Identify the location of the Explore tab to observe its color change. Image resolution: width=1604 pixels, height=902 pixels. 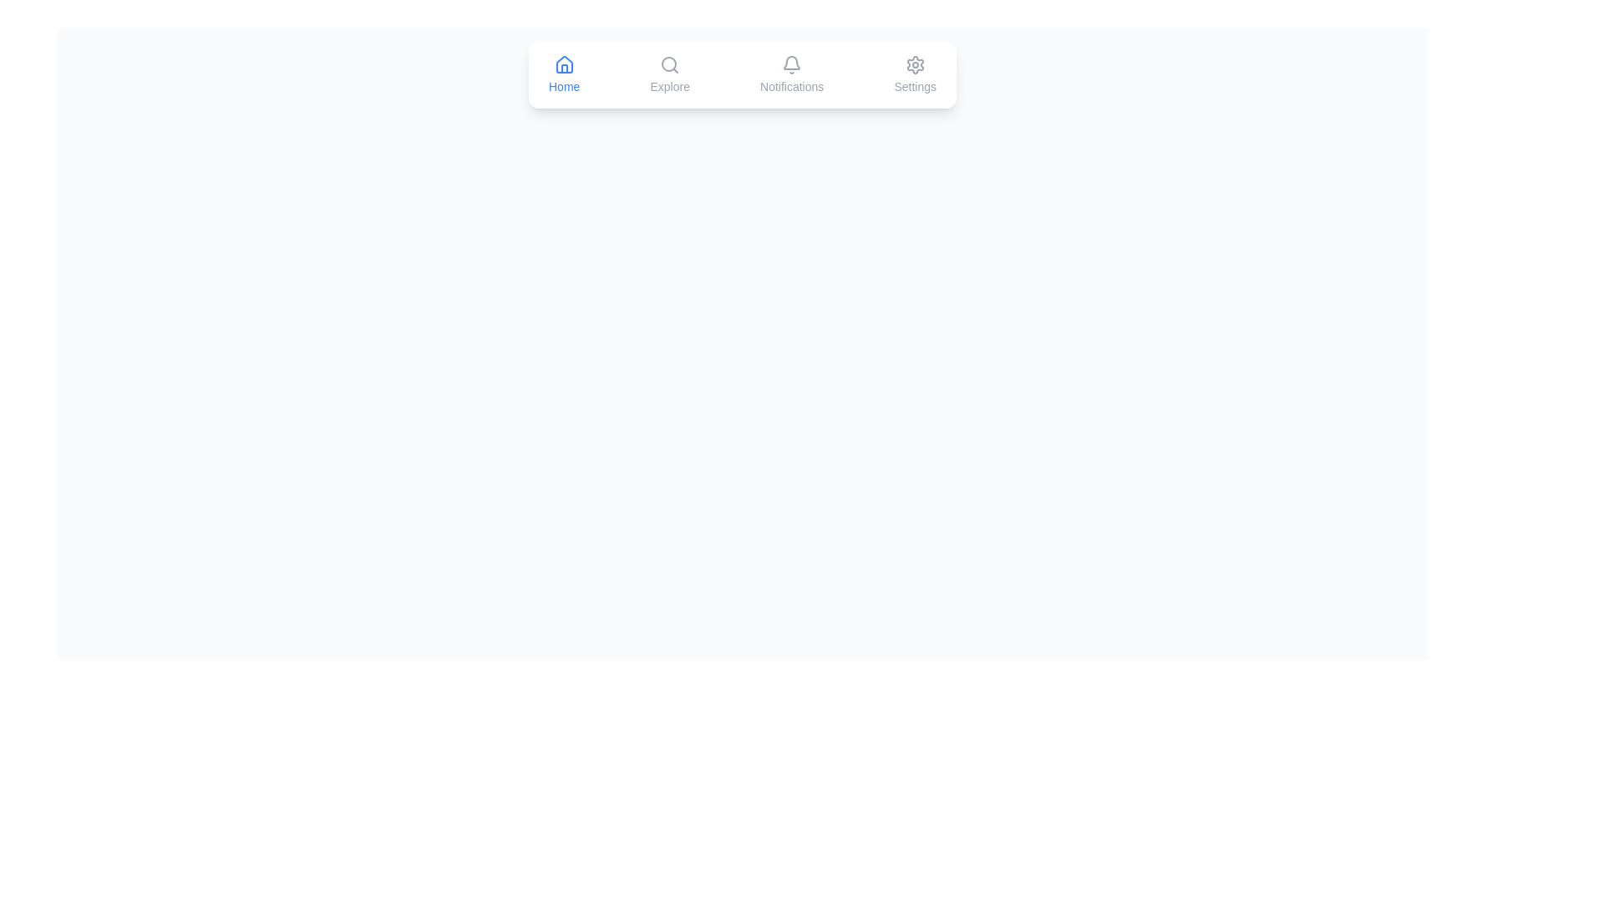
(670, 73).